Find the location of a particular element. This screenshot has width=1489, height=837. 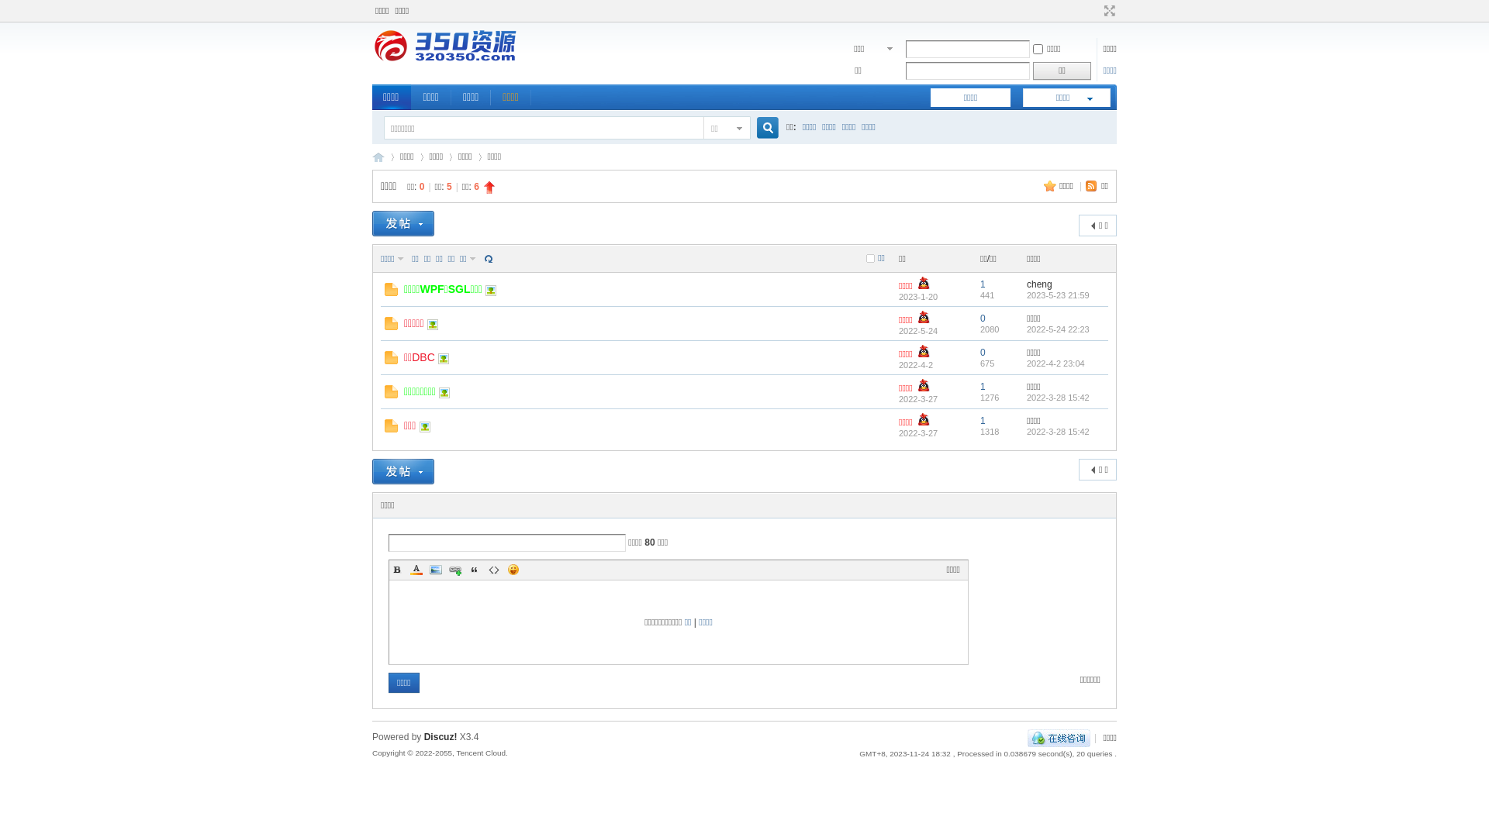

'Color' is located at coordinates (409, 570).